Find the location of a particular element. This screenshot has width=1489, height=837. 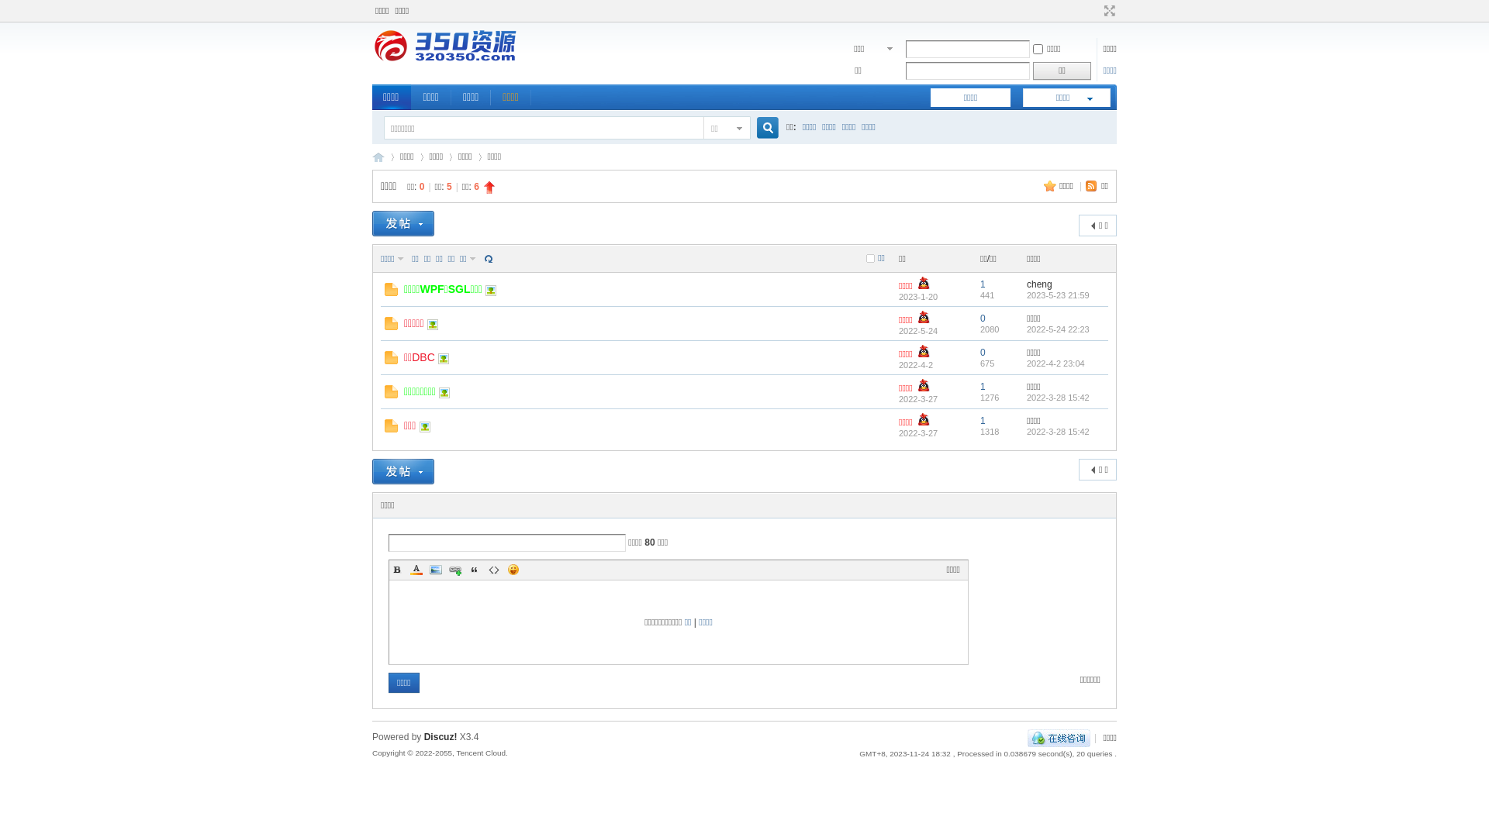

'Color' is located at coordinates (409, 570).